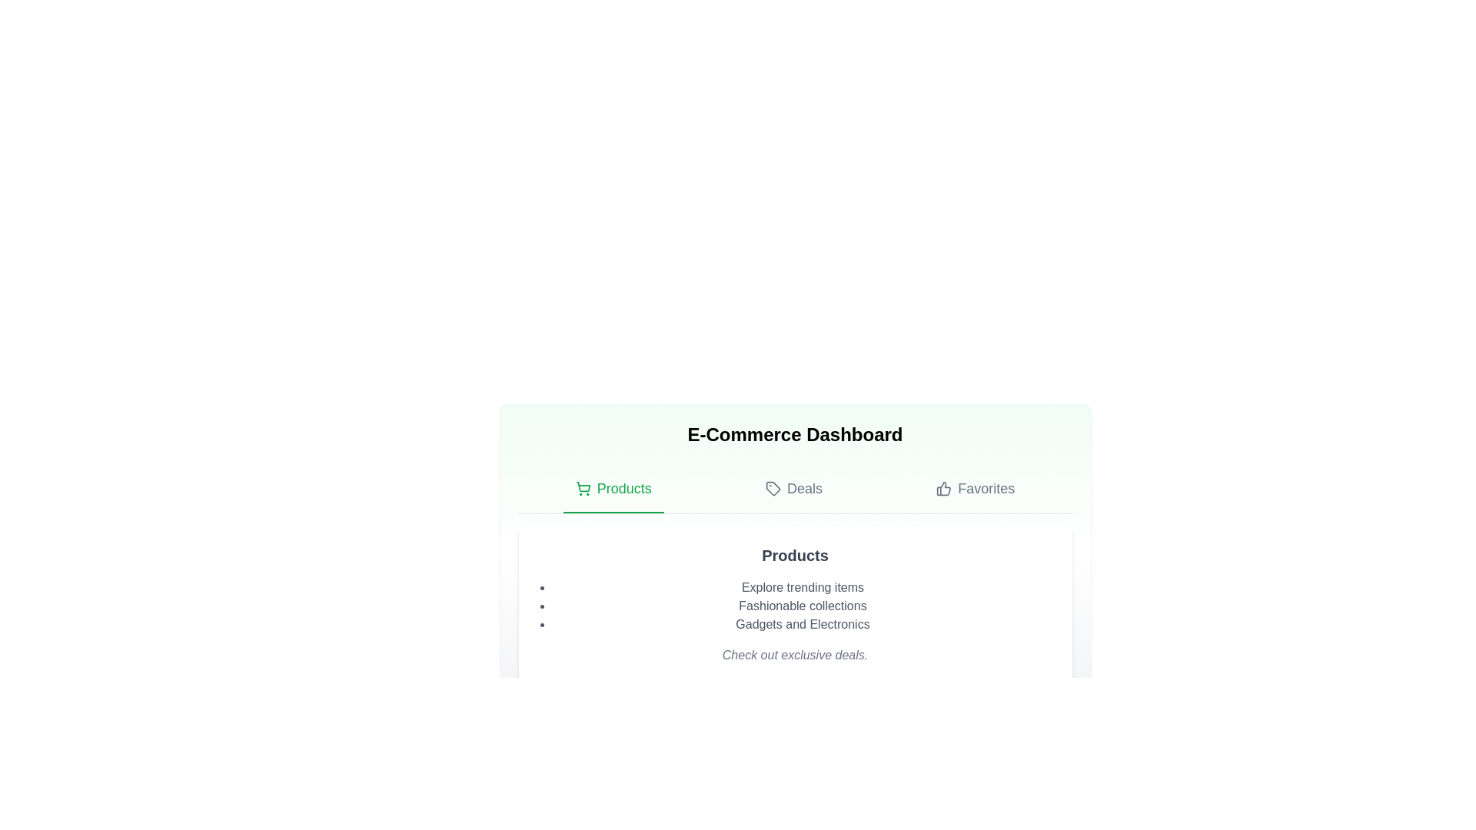 The image size is (1476, 830). I want to click on the visual representation of the thumbs-up icon, which is a minimalistic outlined design located to the left of the 'Favorites' button in the top navigation bar, so click(943, 489).